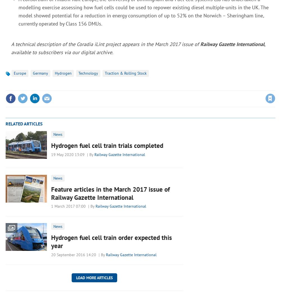 The width and height of the screenshot is (281, 298). I want to click on '20 September 2016 14:20', so click(73, 255).